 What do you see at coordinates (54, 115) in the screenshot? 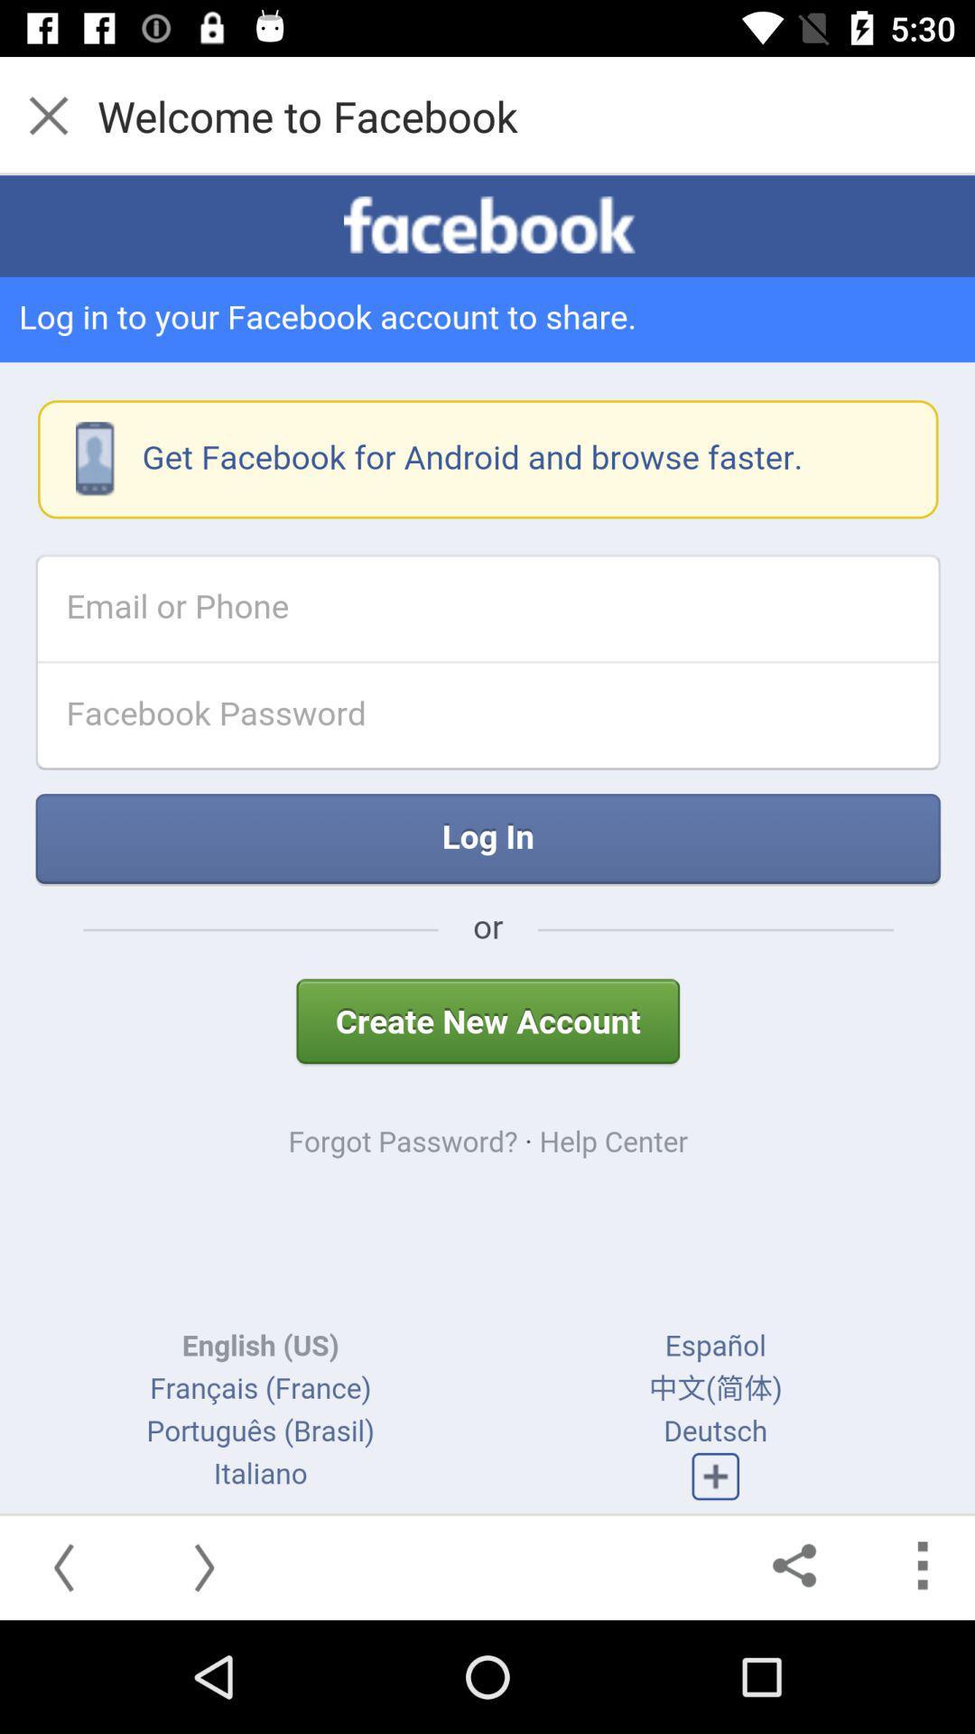
I see `the close icon` at bounding box center [54, 115].